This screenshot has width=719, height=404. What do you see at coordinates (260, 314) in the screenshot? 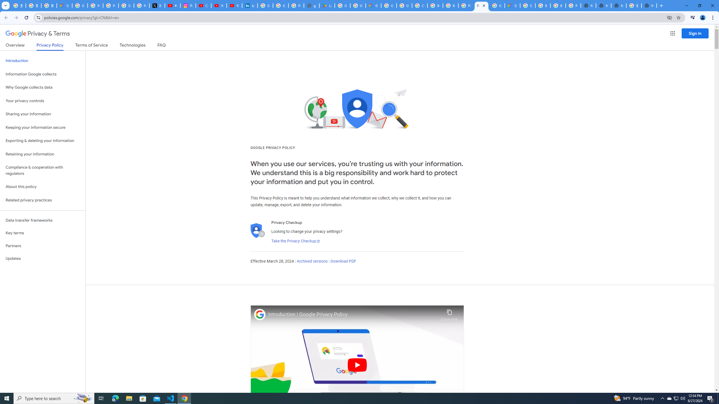
I see `'Photo image of Google'` at bounding box center [260, 314].